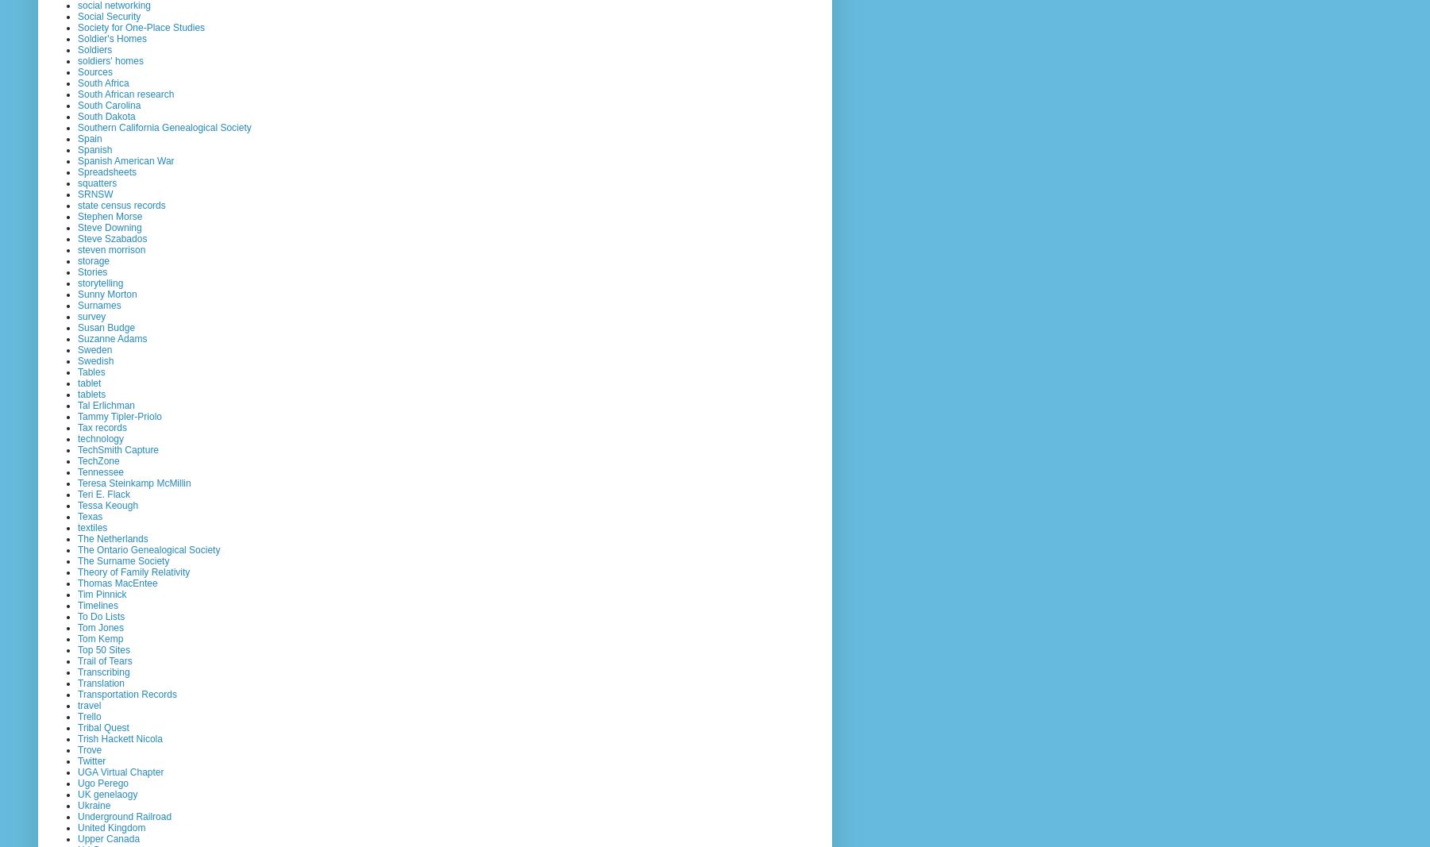  I want to click on 'Tom Jones', so click(100, 626).